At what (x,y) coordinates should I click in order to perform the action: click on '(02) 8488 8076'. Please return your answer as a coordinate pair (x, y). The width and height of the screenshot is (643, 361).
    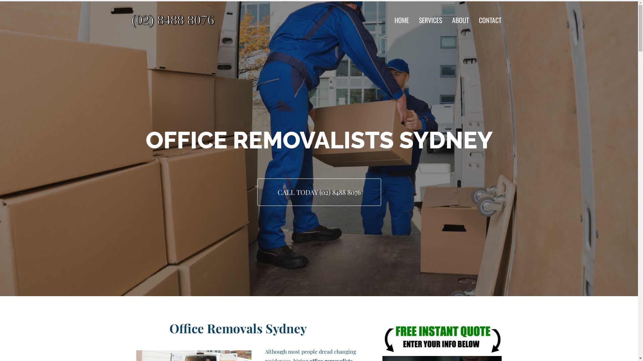
    Looking at the image, I should click on (191, 20).